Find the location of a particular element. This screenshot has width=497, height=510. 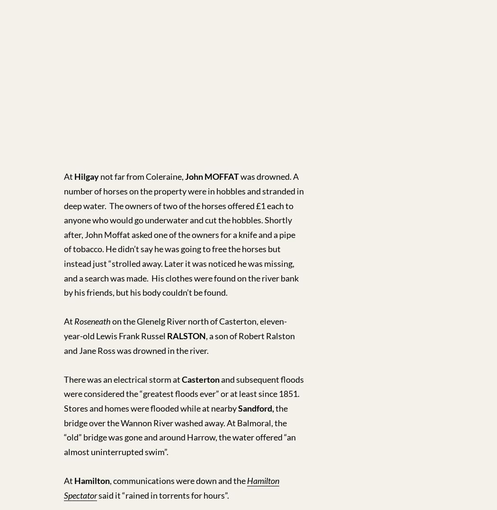

'was drowned. A number of horses on the property were in hobbles and stranded in deep water.  The owners of two of the horses offered £1 each to anyone who would go underwater and cut the hobbles. Shortly after, John Moffat asked one of the owners for a knife and a pipe of tobacco. He didn’t say he was going to free the horses but instead just “strolled away. Later it was noticed he was missing, and a search was made.  His clothes were found on the river bank by his friends, but his body couldn’t be found.' is located at coordinates (63, 234).